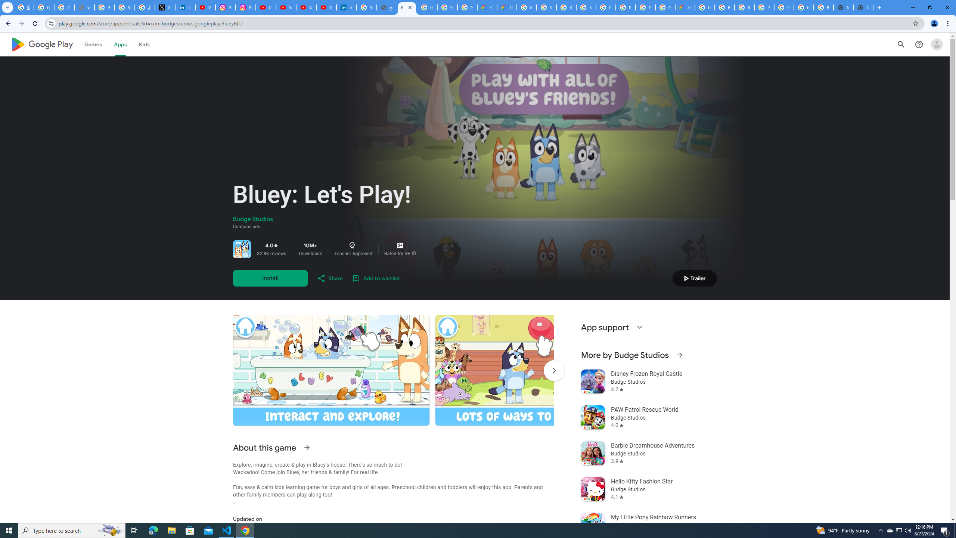  What do you see at coordinates (936, 44) in the screenshot?
I see `'Open account menu'` at bounding box center [936, 44].